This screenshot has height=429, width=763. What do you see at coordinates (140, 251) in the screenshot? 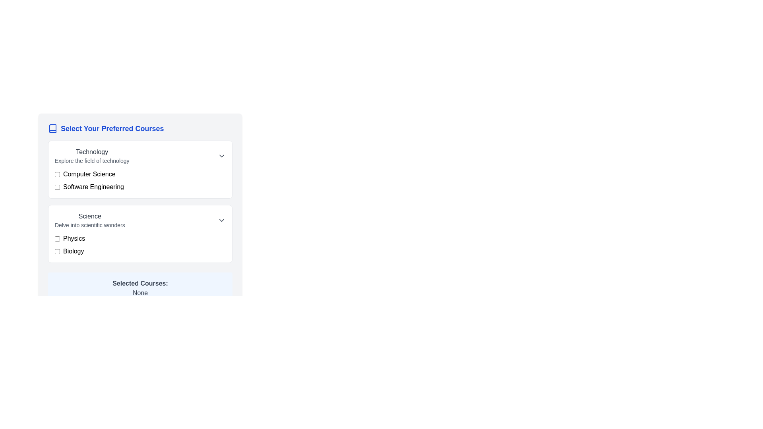
I see `the 'Biology' checkbox option in the 'Science' category by` at bounding box center [140, 251].